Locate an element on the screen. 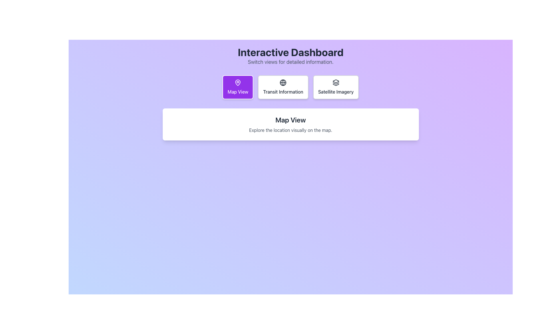 Image resolution: width=549 pixels, height=309 pixels. the dark semi-abstract trapezoid graphic within the 'Satellite Imagery' button, which is the third option in the horizontal navigation bar under 'Interactive Dashboard' is located at coordinates (336, 81).